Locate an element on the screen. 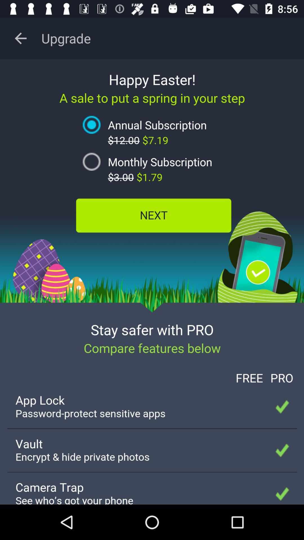 The height and width of the screenshot is (540, 304). go back is located at coordinates (20, 38).